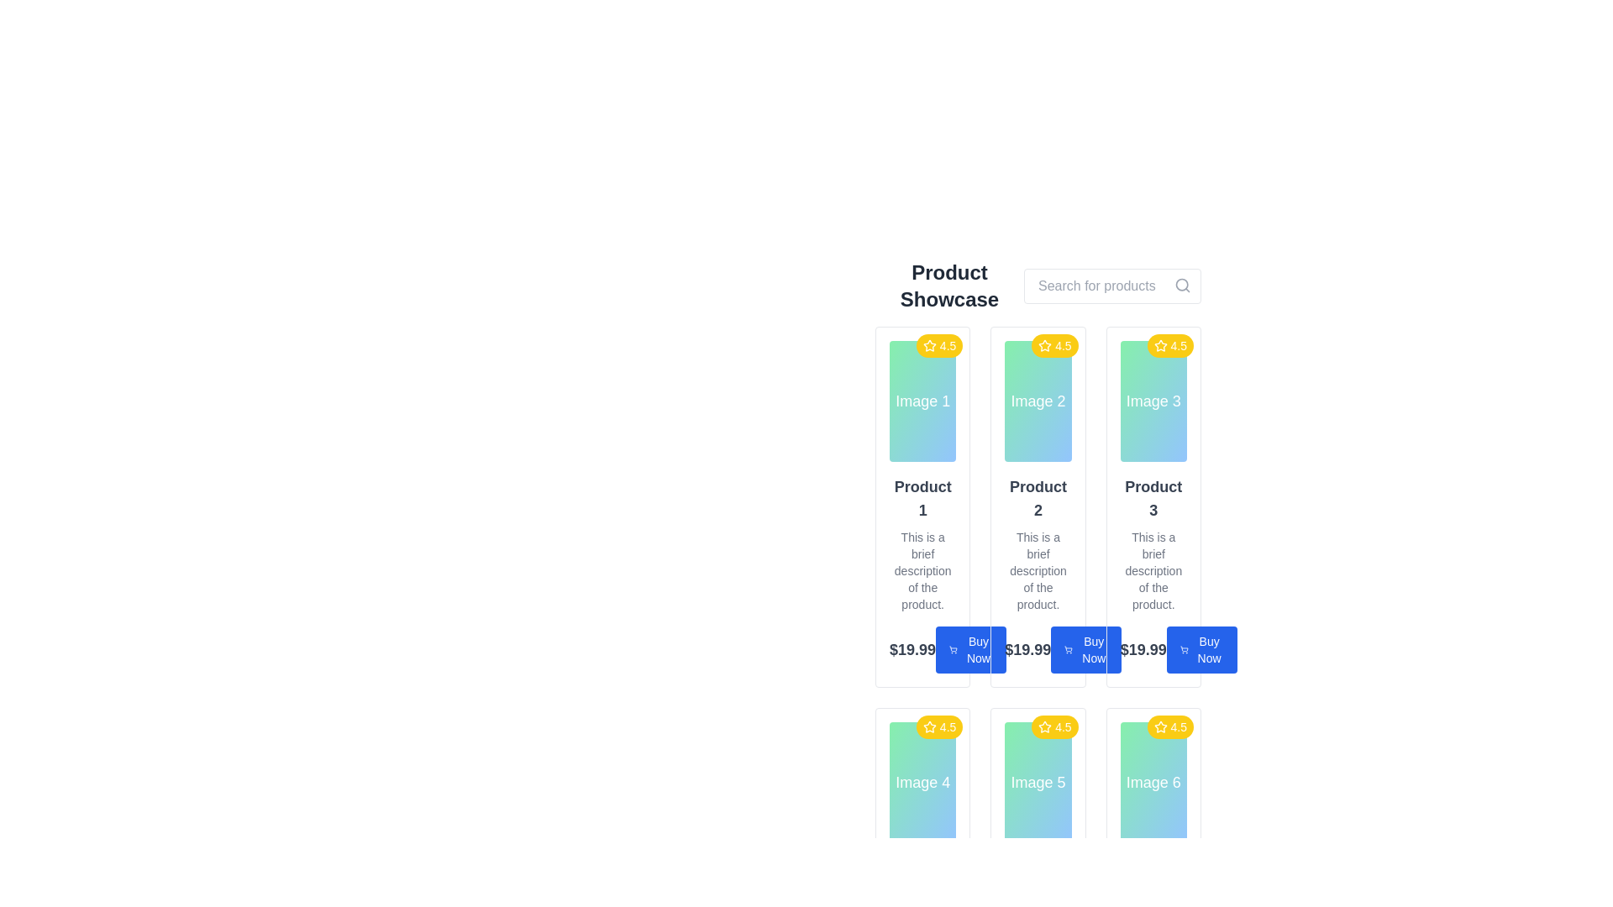  Describe the element at coordinates (1153, 569) in the screenshot. I see `and comprehend the text label that displays 'This is a brief description of the product.' located below the product title 'Product 3' and above the pricing section in the product grid` at that location.